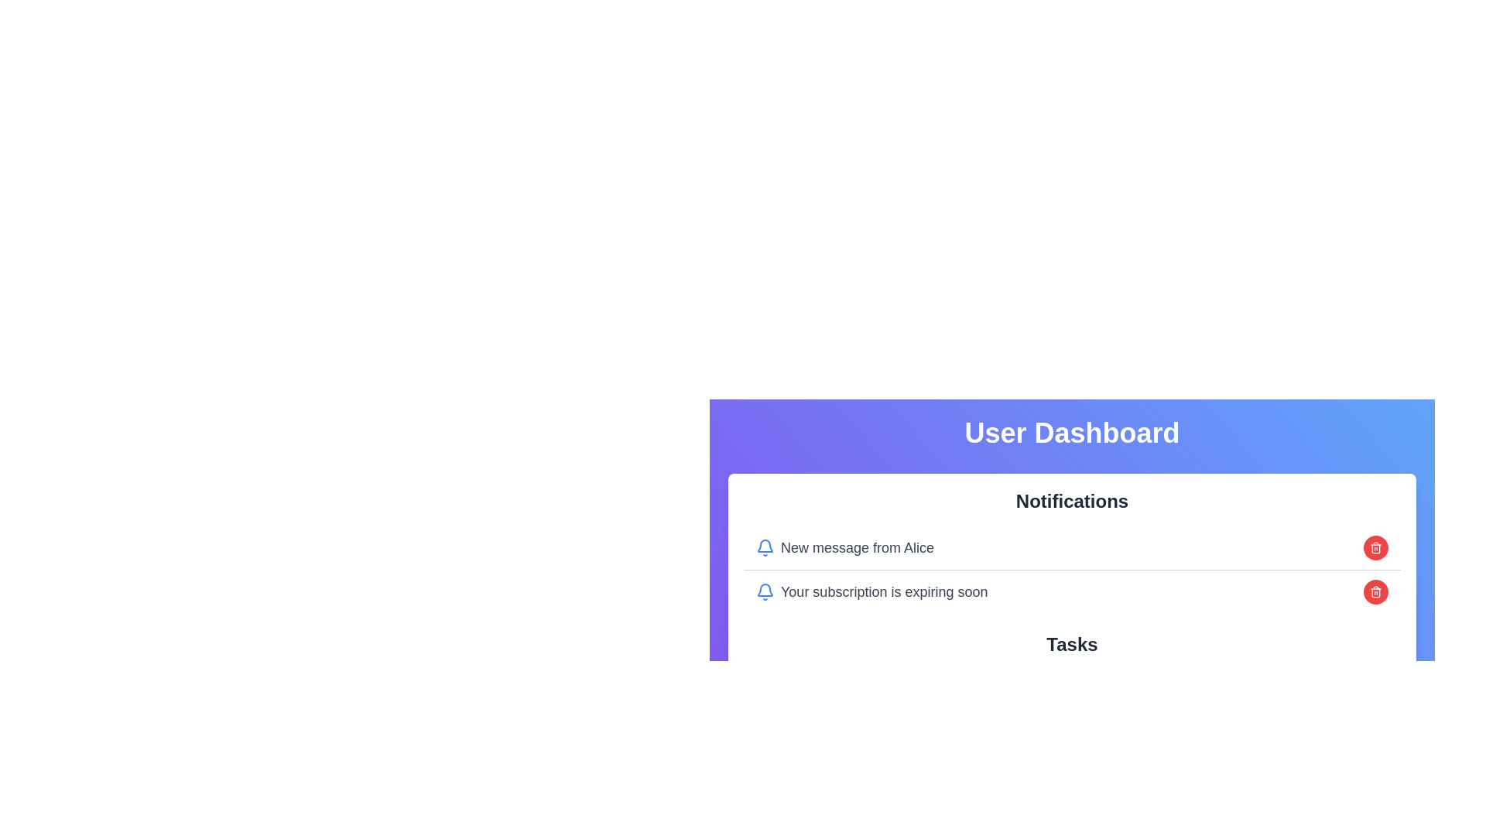  What do you see at coordinates (884, 591) in the screenshot?
I see `the text label that displays 'Your subscription is expiring soon', which is styled in gray and located in the notifications section below a notification icon` at bounding box center [884, 591].